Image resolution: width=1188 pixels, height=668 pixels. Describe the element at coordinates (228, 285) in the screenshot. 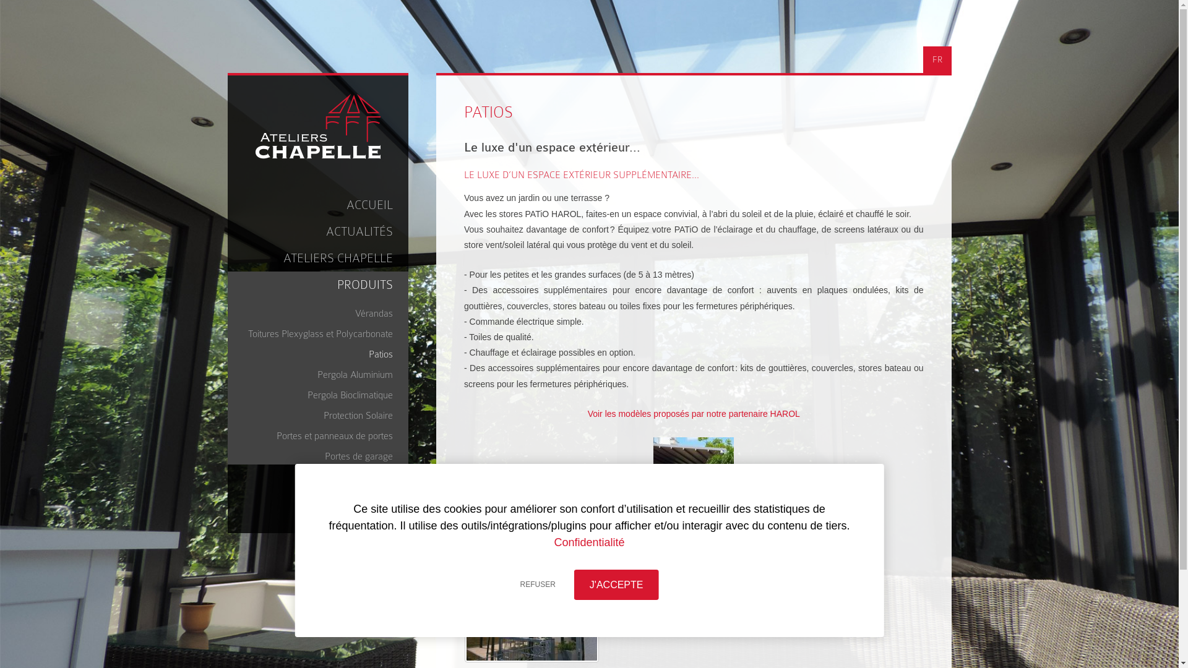

I see `'PRODUITS'` at that location.